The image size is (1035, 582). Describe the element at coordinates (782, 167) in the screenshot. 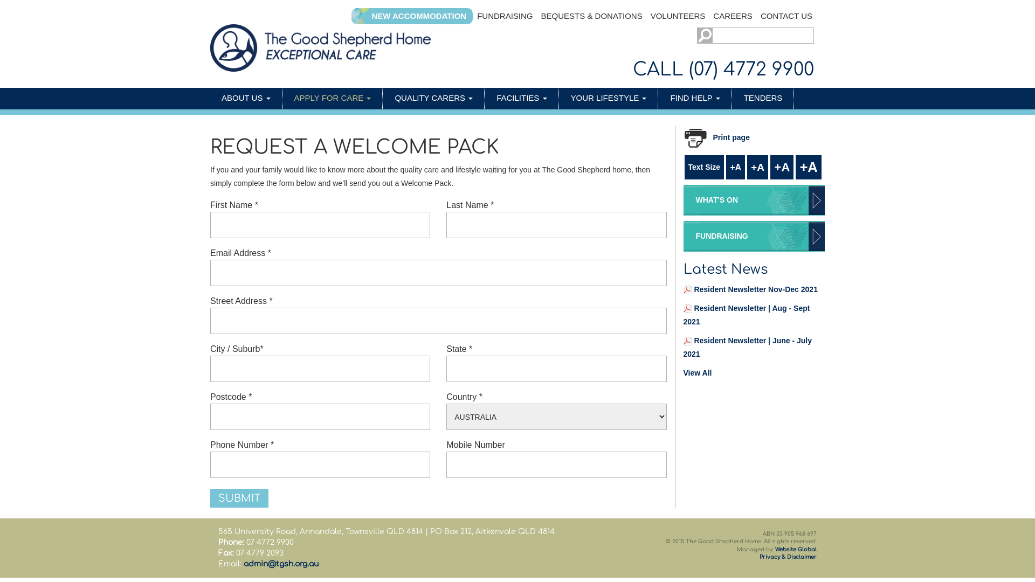

I see `'+A'` at that location.